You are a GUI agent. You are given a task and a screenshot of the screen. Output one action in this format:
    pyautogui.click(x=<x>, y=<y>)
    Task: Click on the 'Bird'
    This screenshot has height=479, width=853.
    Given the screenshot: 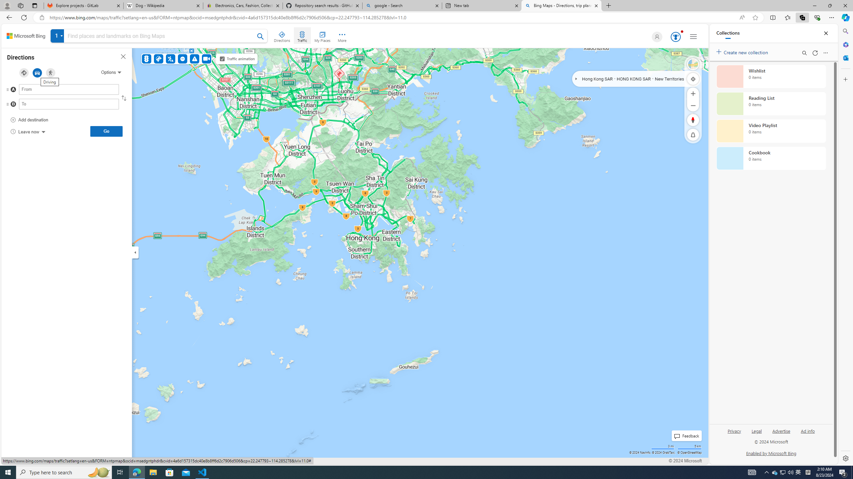 What is the action you would take?
    pyautogui.click(x=693, y=64)
    